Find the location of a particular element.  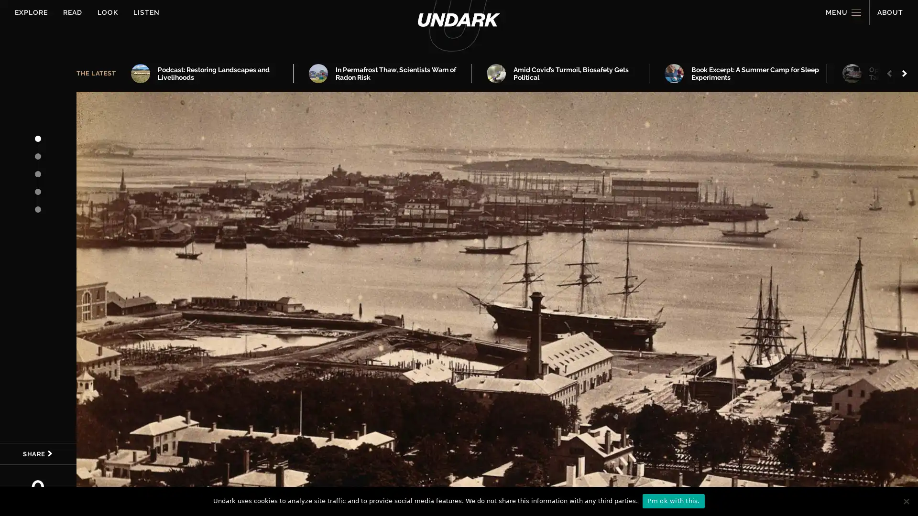

Previous is located at coordinates (891, 73).